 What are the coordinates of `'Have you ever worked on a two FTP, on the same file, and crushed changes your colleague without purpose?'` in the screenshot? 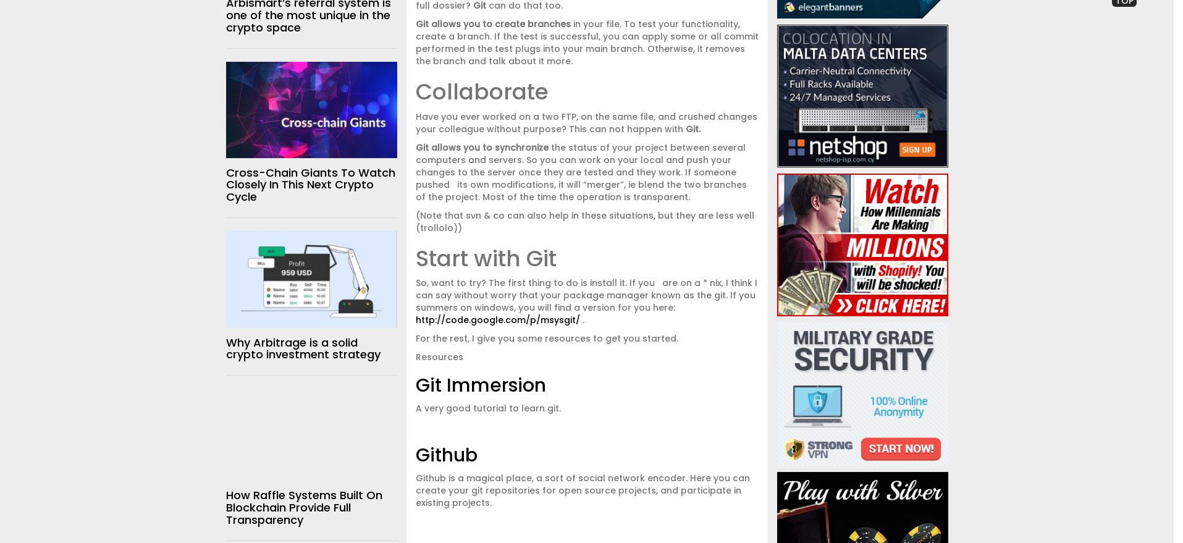 It's located at (585, 122).